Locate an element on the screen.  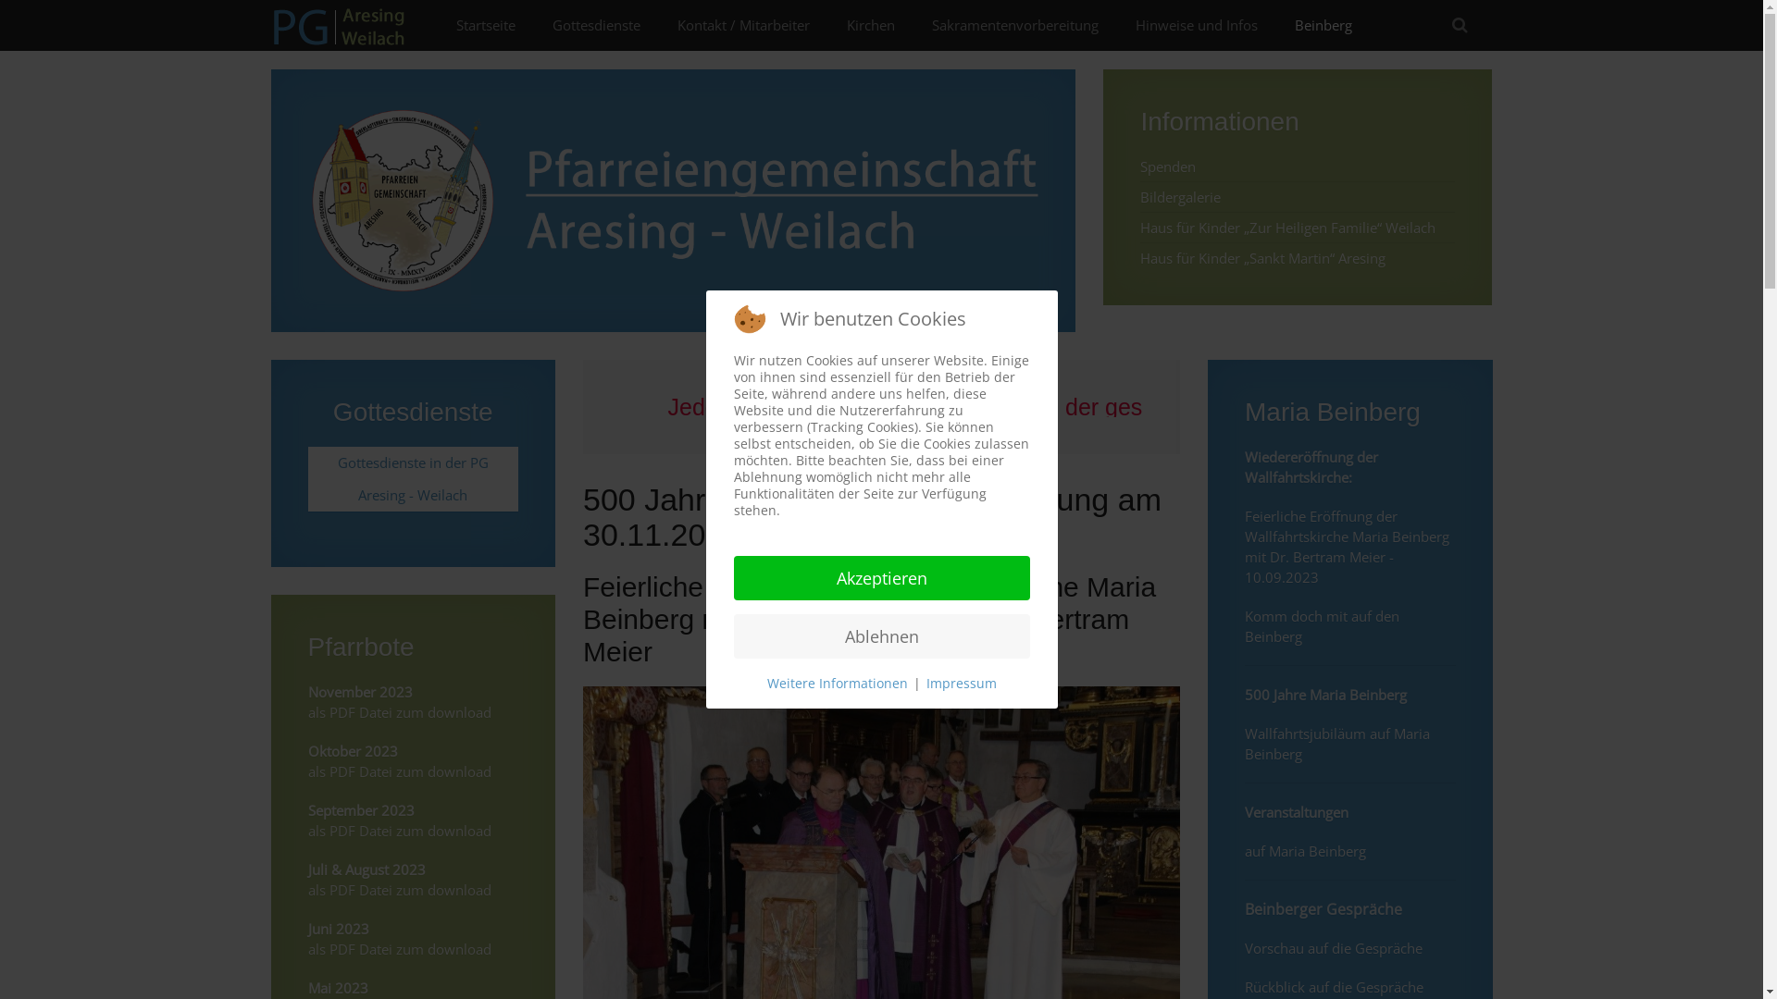
'Kirchen' is located at coordinates (826, 25).